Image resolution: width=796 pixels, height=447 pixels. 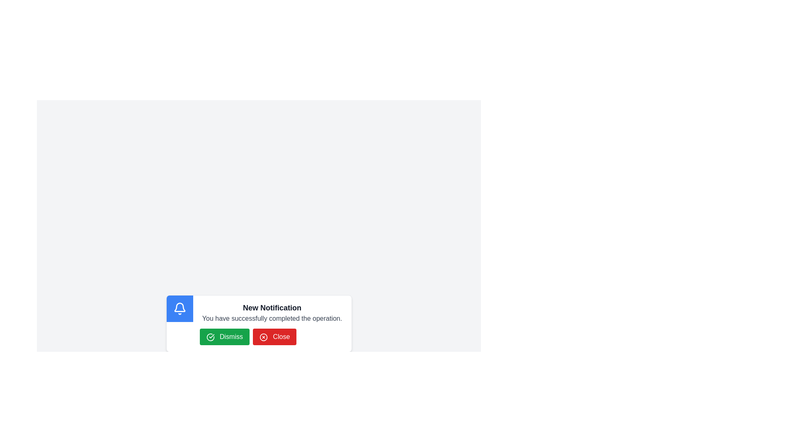 I want to click on the notification text element that provides feedback about the successful completion of an operation, located below the 'New Notification' title and above the 'Dismiss' and 'Close' buttons, so click(x=272, y=318).